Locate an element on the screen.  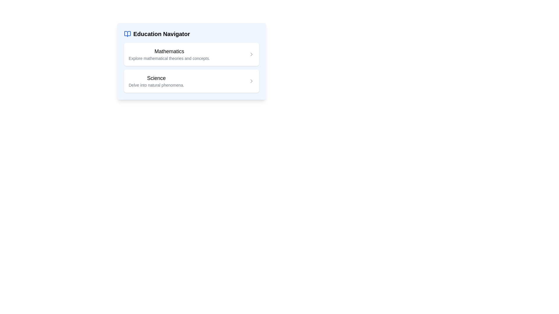
the composite text display element that represents the 'Science' category in the Education Navigator interface, located below 'Mathematics' is located at coordinates (156, 81).